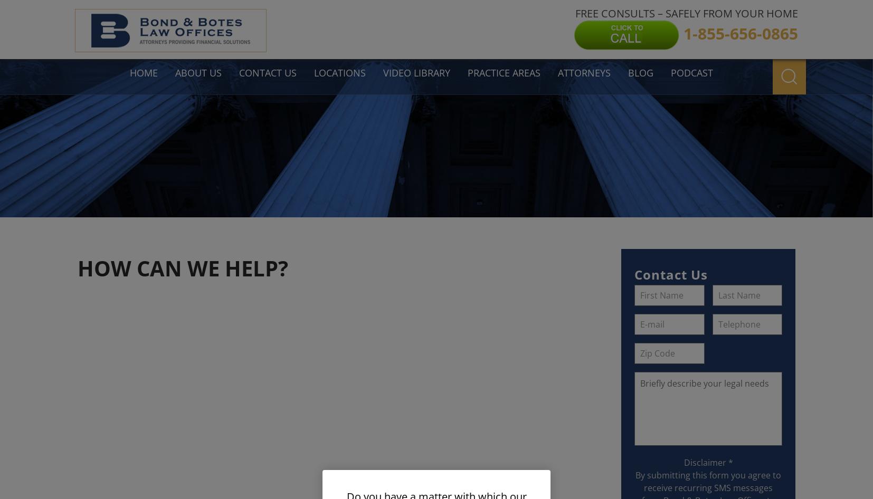 This screenshot has width=873, height=499. What do you see at coordinates (416, 72) in the screenshot?
I see `'Video Library'` at bounding box center [416, 72].